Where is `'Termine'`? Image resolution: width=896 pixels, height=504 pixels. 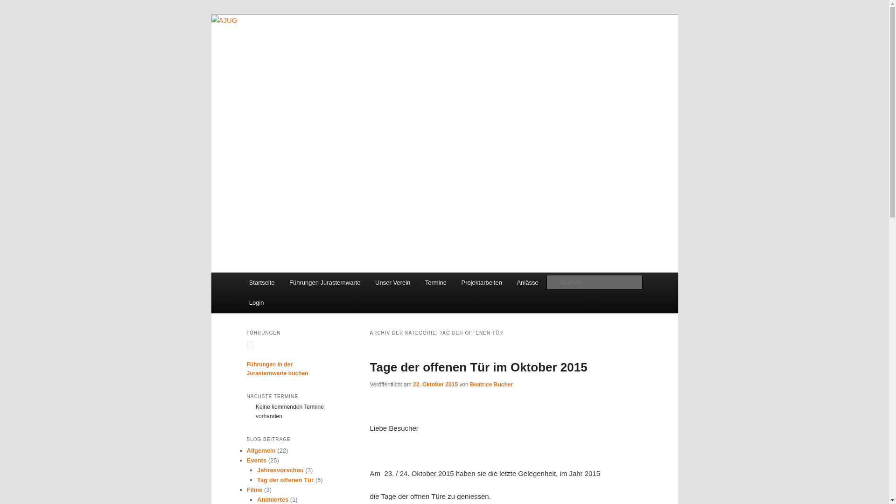
'Termine' is located at coordinates (435, 282).